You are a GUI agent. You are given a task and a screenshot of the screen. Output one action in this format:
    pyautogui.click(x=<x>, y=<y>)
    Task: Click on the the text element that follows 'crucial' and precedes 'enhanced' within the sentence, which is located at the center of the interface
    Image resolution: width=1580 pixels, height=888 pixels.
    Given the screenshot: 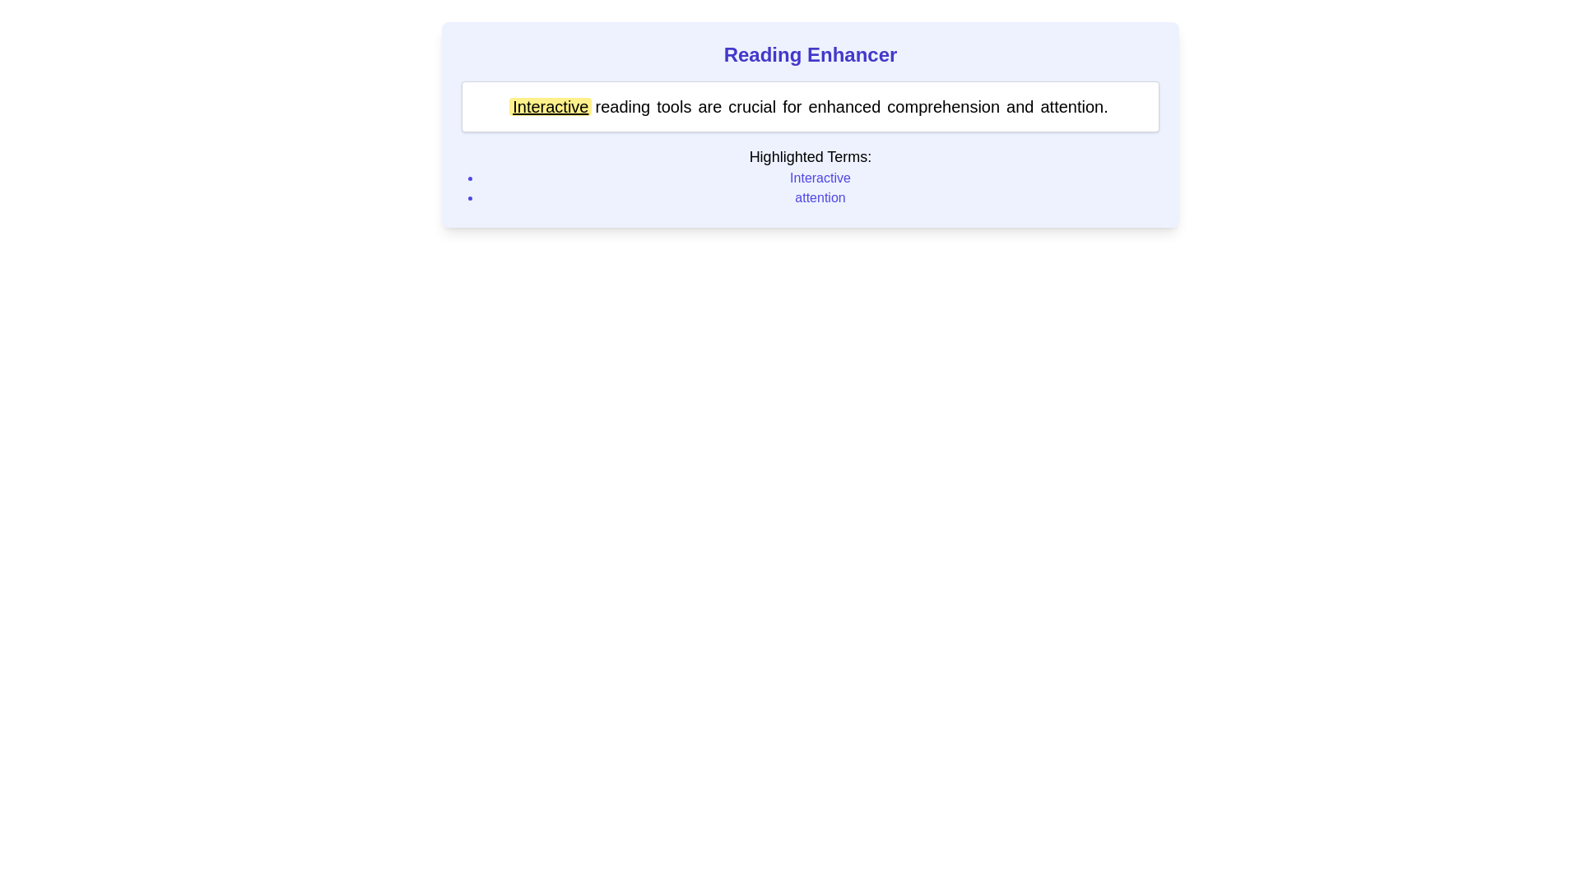 What is the action you would take?
    pyautogui.click(x=792, y=107)
    